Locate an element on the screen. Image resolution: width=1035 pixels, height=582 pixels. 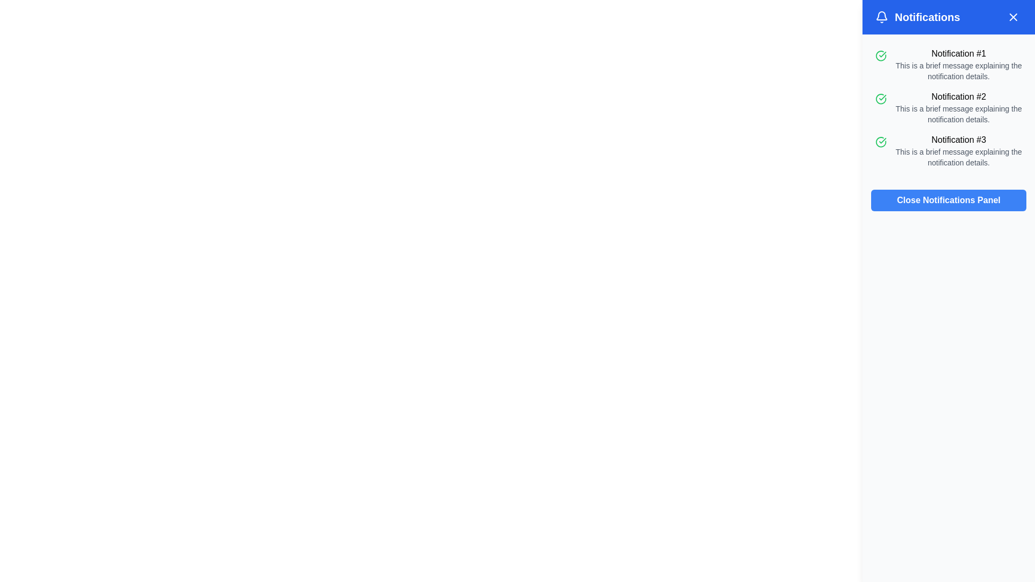
the notification entry titled 'Notification #3' with the message 'This is a brief message explaining the notification details.' which includes a green checkmark icon on its left is located at coordinates (949, 151).